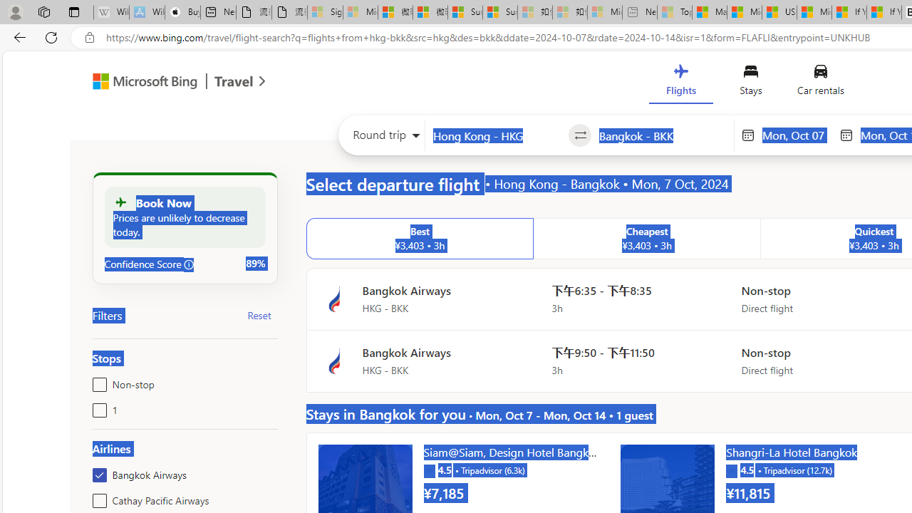 This screenshot has width=912, height=513. Describe the element at coordinates (333, 361) in the screenshot. I see `'Flight logo'` at that location.